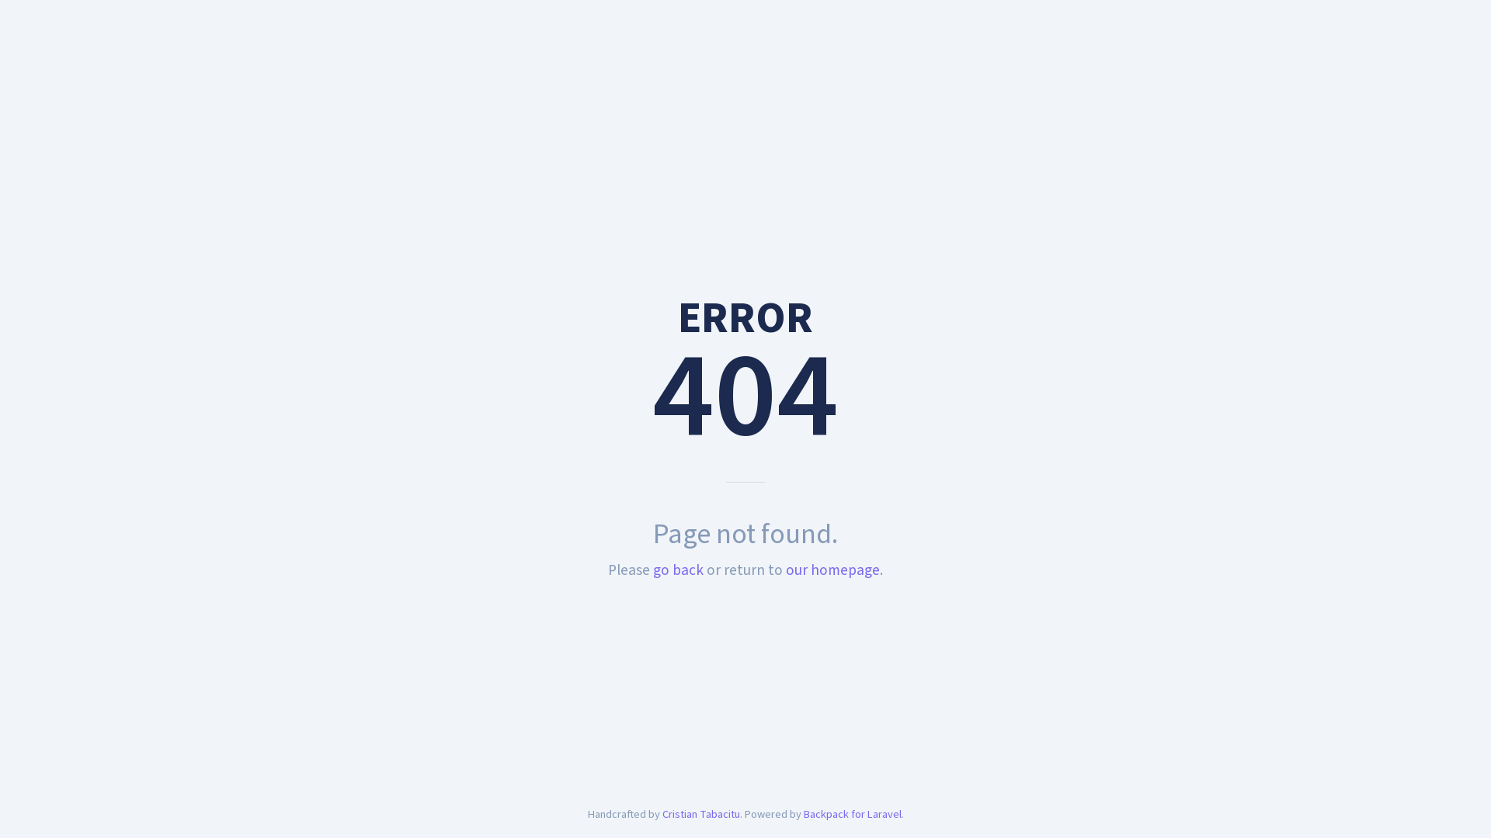 The image size is (1491, 838). I want to click on 'Cristian Tabacitu', so click(700, 813).